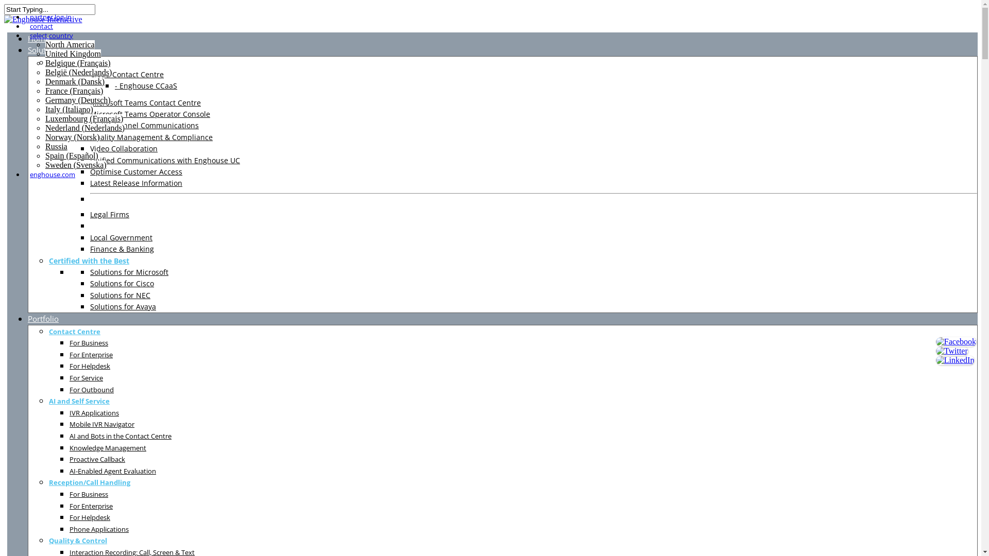  What do you see at coordinates (74, 81) in the screenshot?
I see `'Denmark (Dansk)'` at bounding box center [74, 81].